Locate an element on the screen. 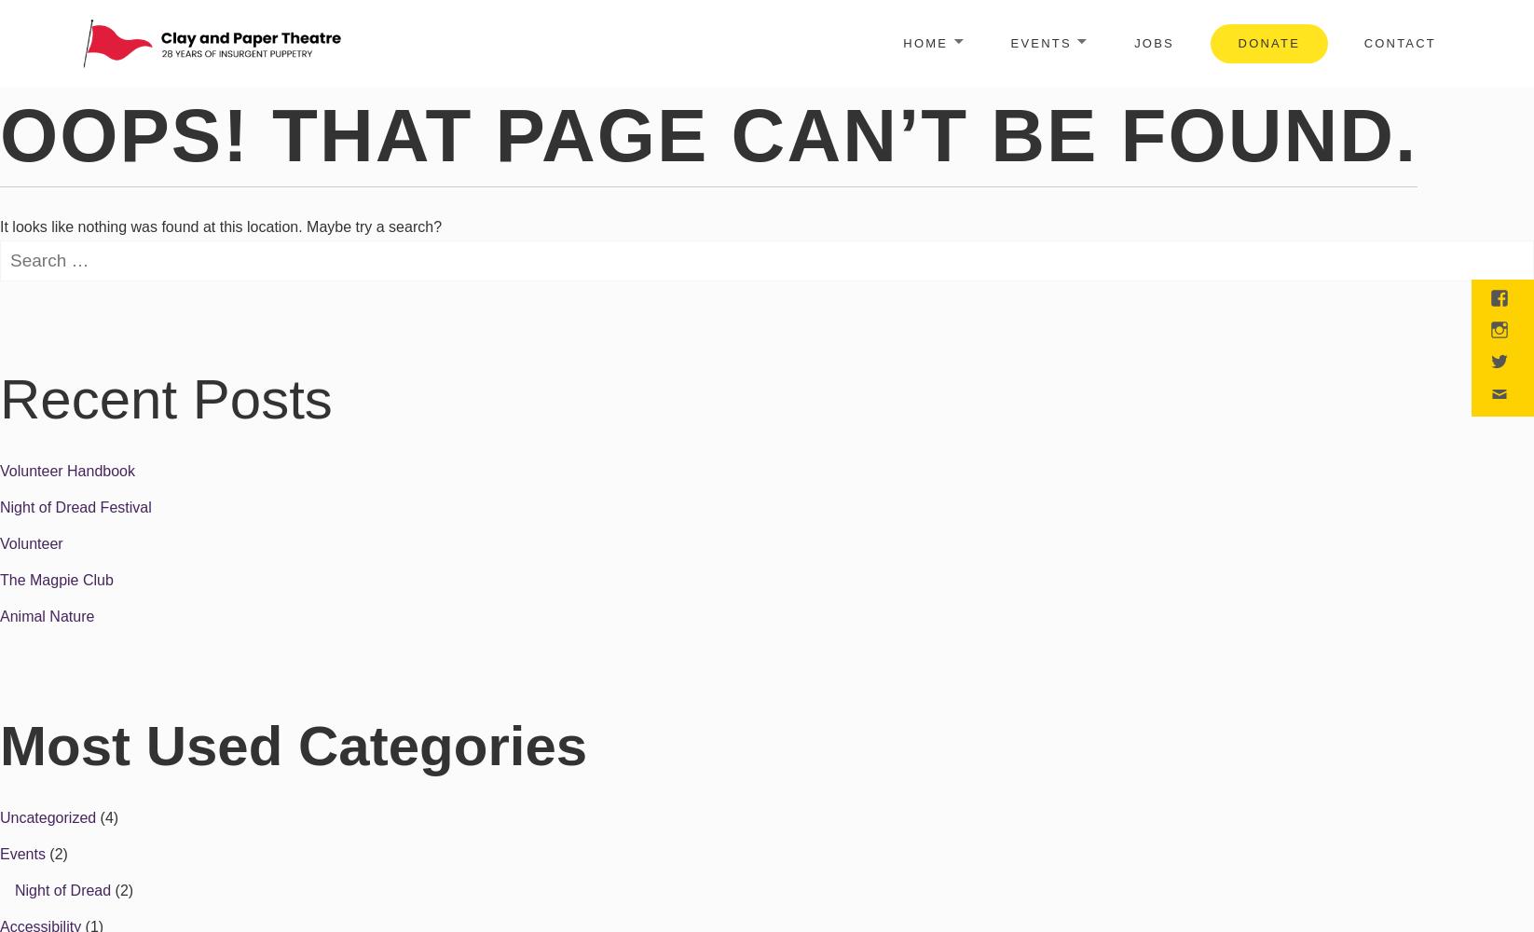 The height and width of the screenshot is (932, 1534). 'Night of Dread' is located at coordinates (14, 889).